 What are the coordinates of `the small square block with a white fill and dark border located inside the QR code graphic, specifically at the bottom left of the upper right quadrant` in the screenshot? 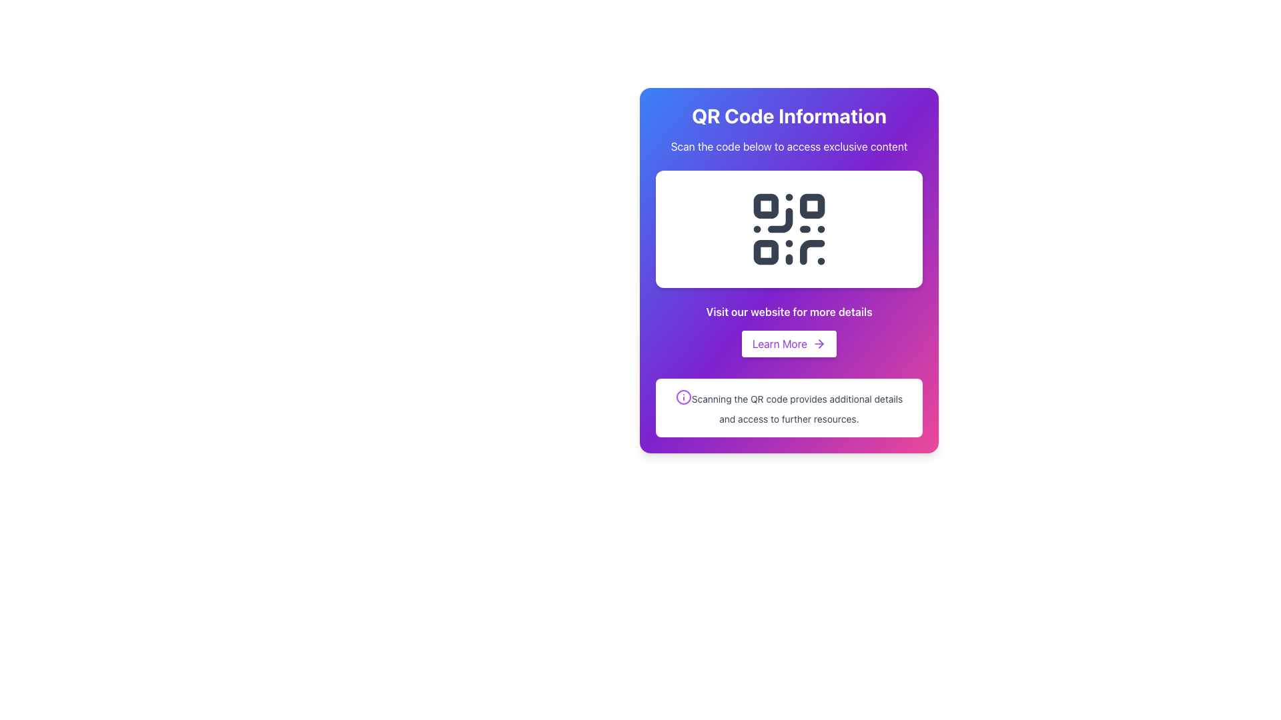 It's located at (766, 252).